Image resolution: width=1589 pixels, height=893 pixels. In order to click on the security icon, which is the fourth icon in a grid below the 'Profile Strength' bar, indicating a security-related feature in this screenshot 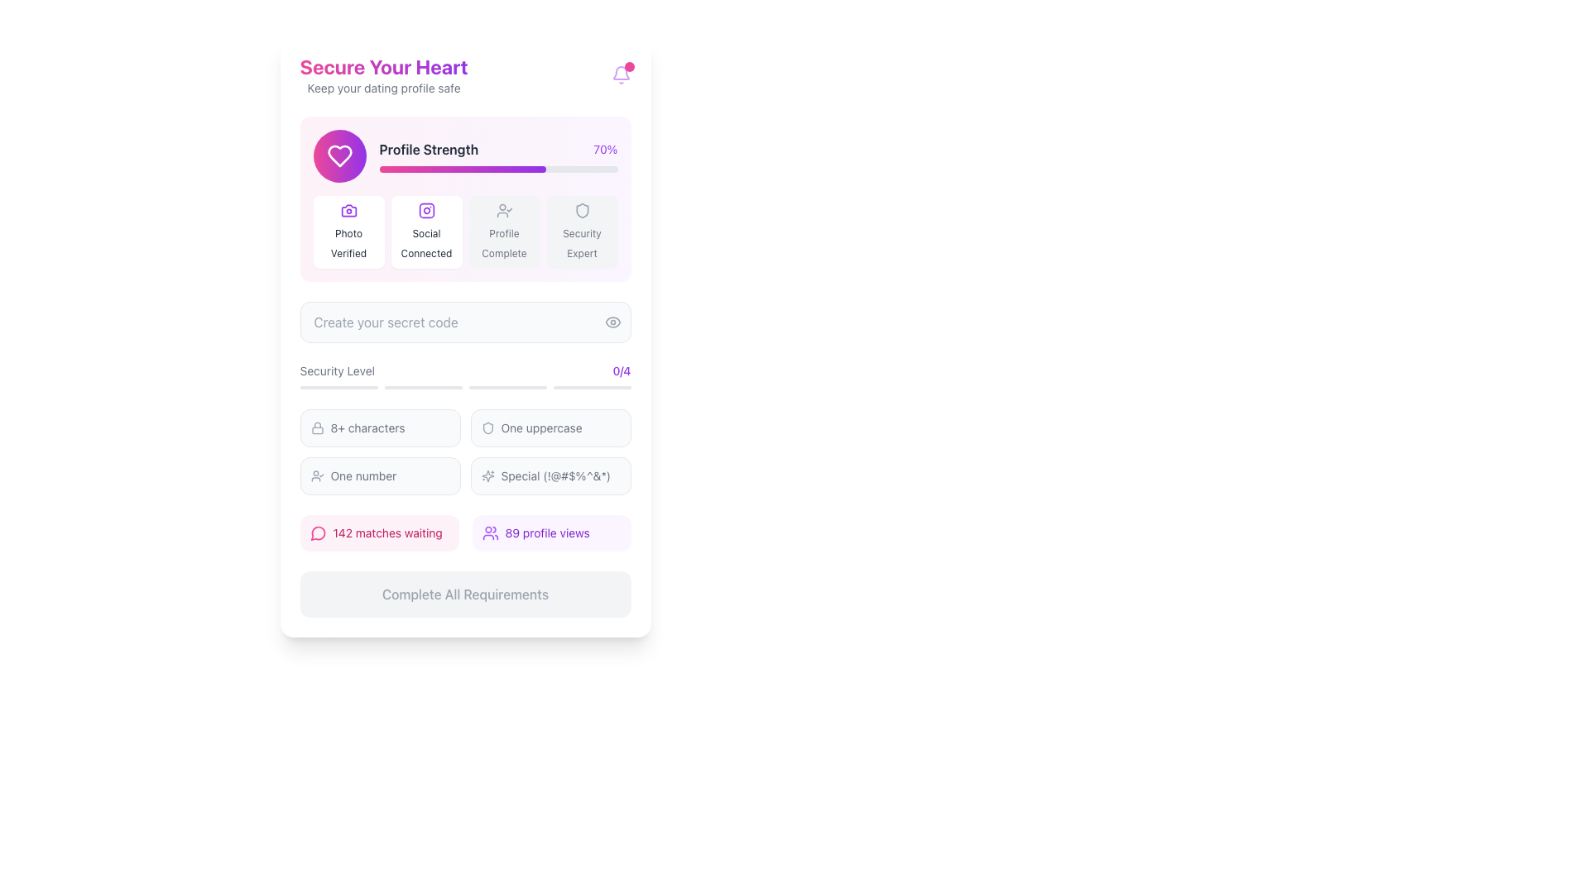, I will do `click(582, 209)`.